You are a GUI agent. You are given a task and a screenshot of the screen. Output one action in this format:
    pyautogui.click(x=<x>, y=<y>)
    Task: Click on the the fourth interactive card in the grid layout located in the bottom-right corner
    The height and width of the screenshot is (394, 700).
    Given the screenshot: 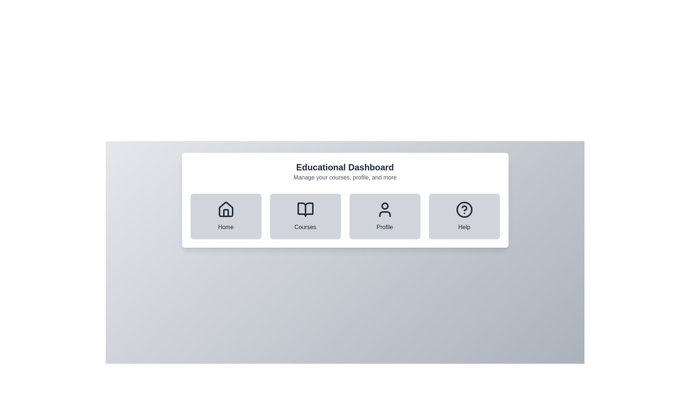 What is the action you would take?
    pyautogui.click(x=464, y=216)
    